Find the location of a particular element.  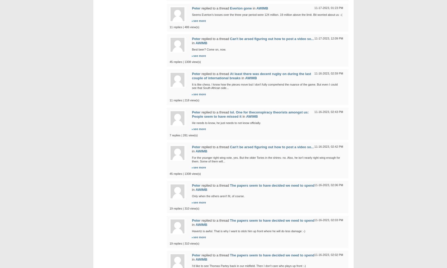

'7 replies | 281 view(s)' is located at coordinates (184, 135).